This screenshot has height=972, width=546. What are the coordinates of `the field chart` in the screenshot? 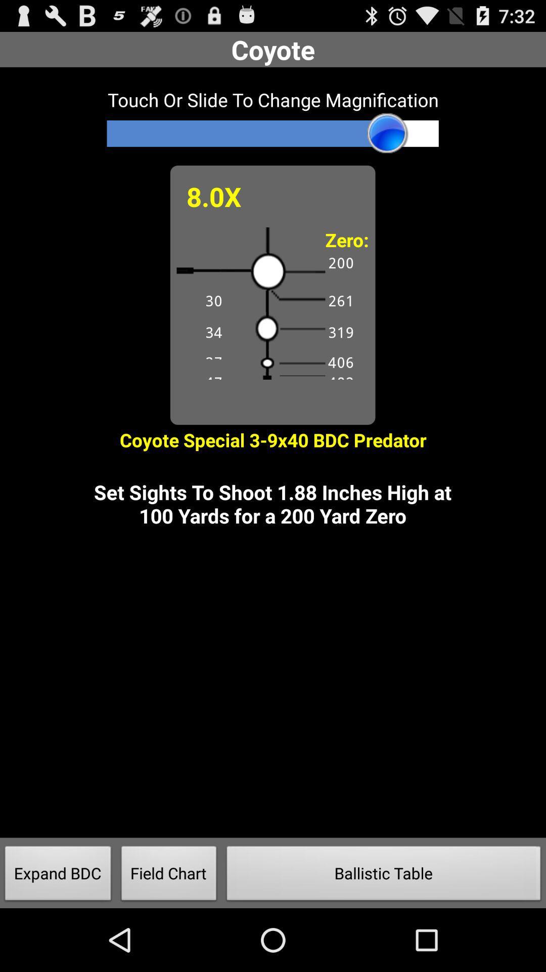 It's located at (168, 876).